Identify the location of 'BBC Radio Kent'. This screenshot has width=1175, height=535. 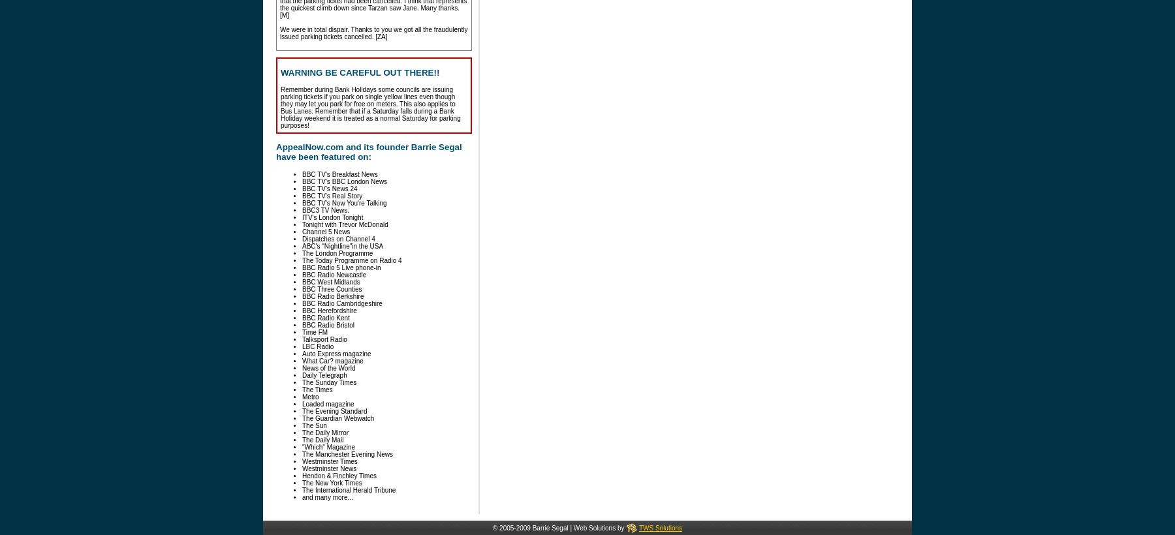
(324, 317).